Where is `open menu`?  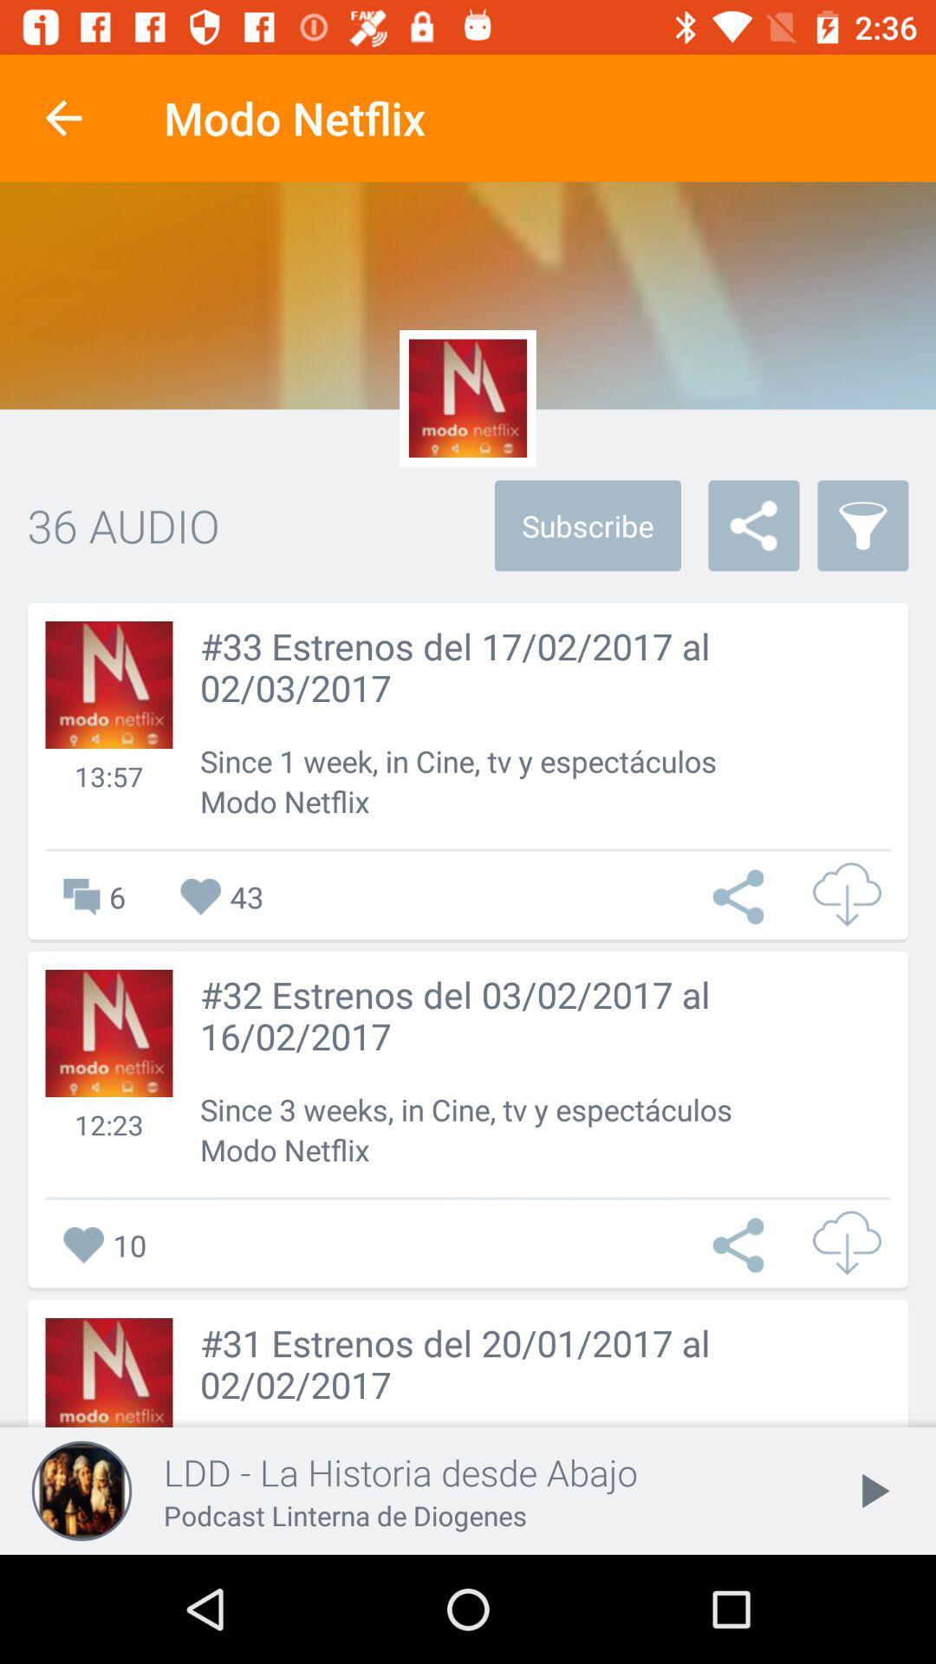
open menu is located at coordinates (742, 897).